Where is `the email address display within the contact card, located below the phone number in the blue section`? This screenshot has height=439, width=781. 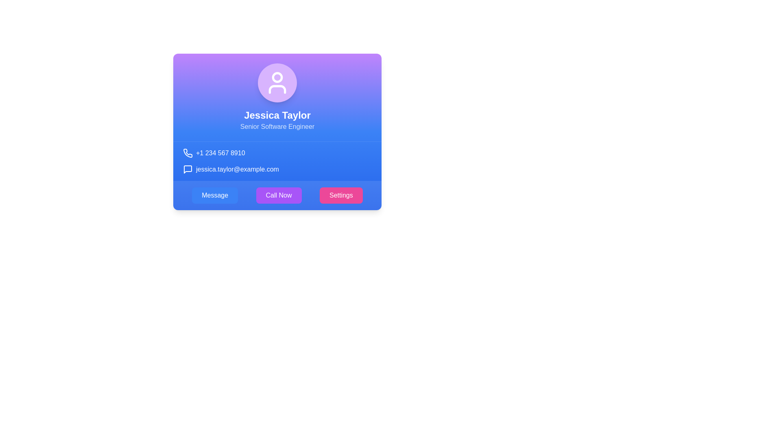
the email address display within the contact card, located below the phone number in the blue section is located at coordinates (277, 169).